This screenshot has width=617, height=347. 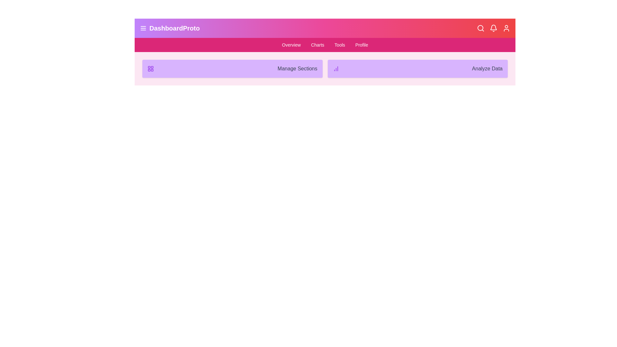 I want to click on the menu item Overview to navigate to the corresponding section, so click(x=291, y=44).